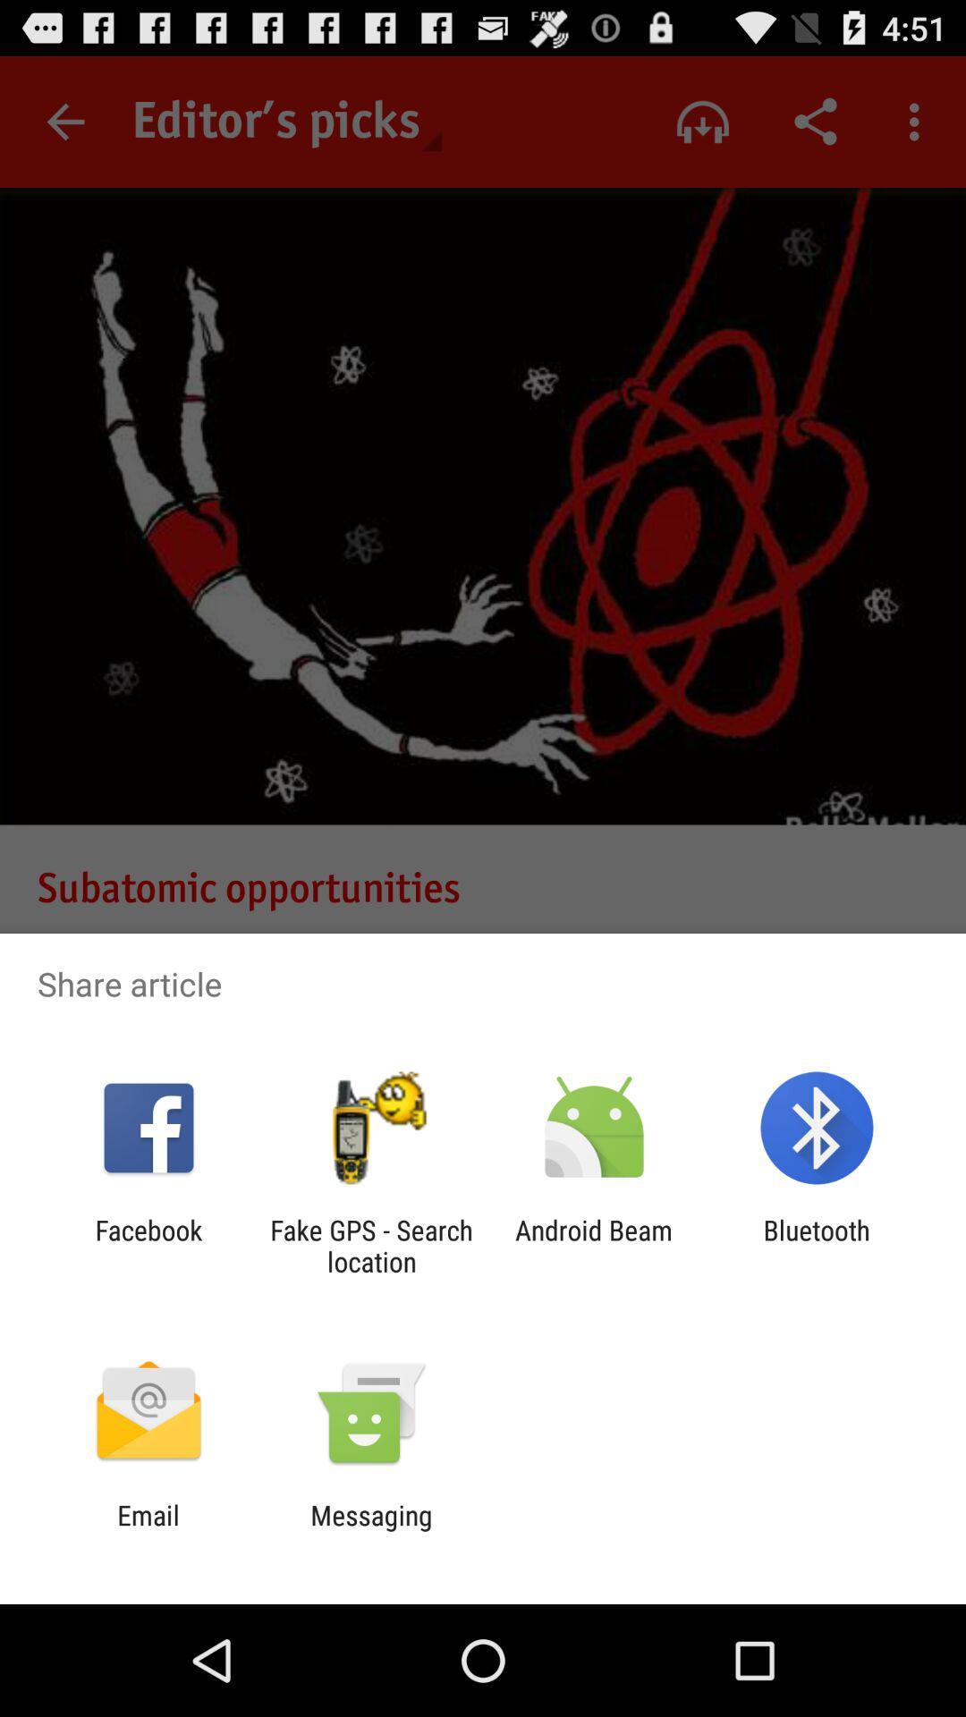  Describe the element at coordinates (594, 1245) in the screenshot. I see `item next to the fake gps search item` at that location.